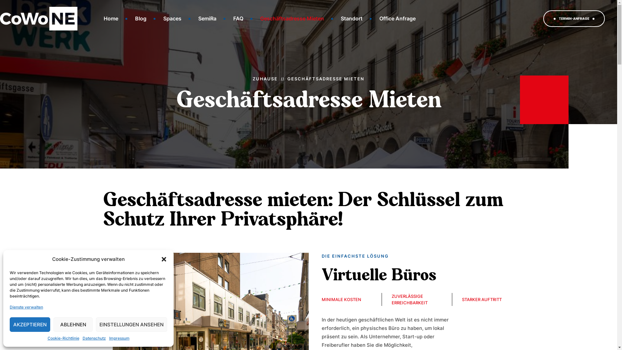 The height and width of the screenshot is (350, 622). I want to click on 'Home', so click(111, 18).